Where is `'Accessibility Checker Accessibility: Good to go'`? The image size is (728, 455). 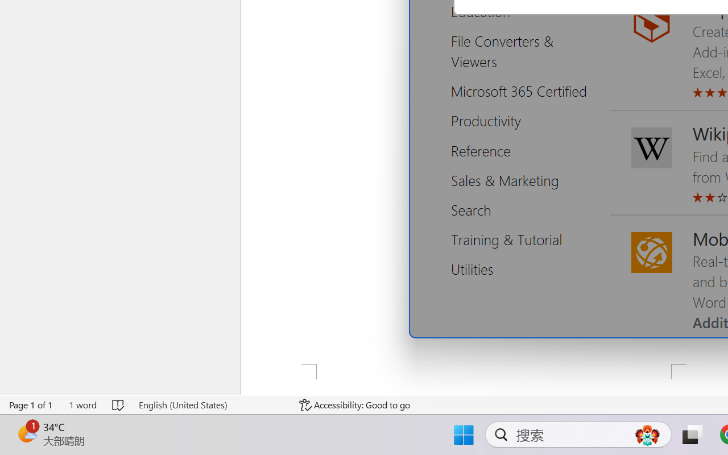 'Accessibility Checker Accessibility: Good to go' is located at coordinates (354, 404).